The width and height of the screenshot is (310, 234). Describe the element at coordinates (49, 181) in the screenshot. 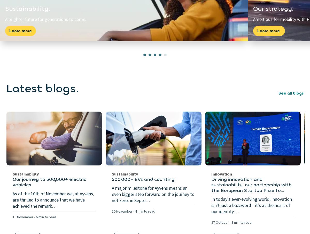

I see `'Our journey to 500,000+ electric vehicles'` at that location.